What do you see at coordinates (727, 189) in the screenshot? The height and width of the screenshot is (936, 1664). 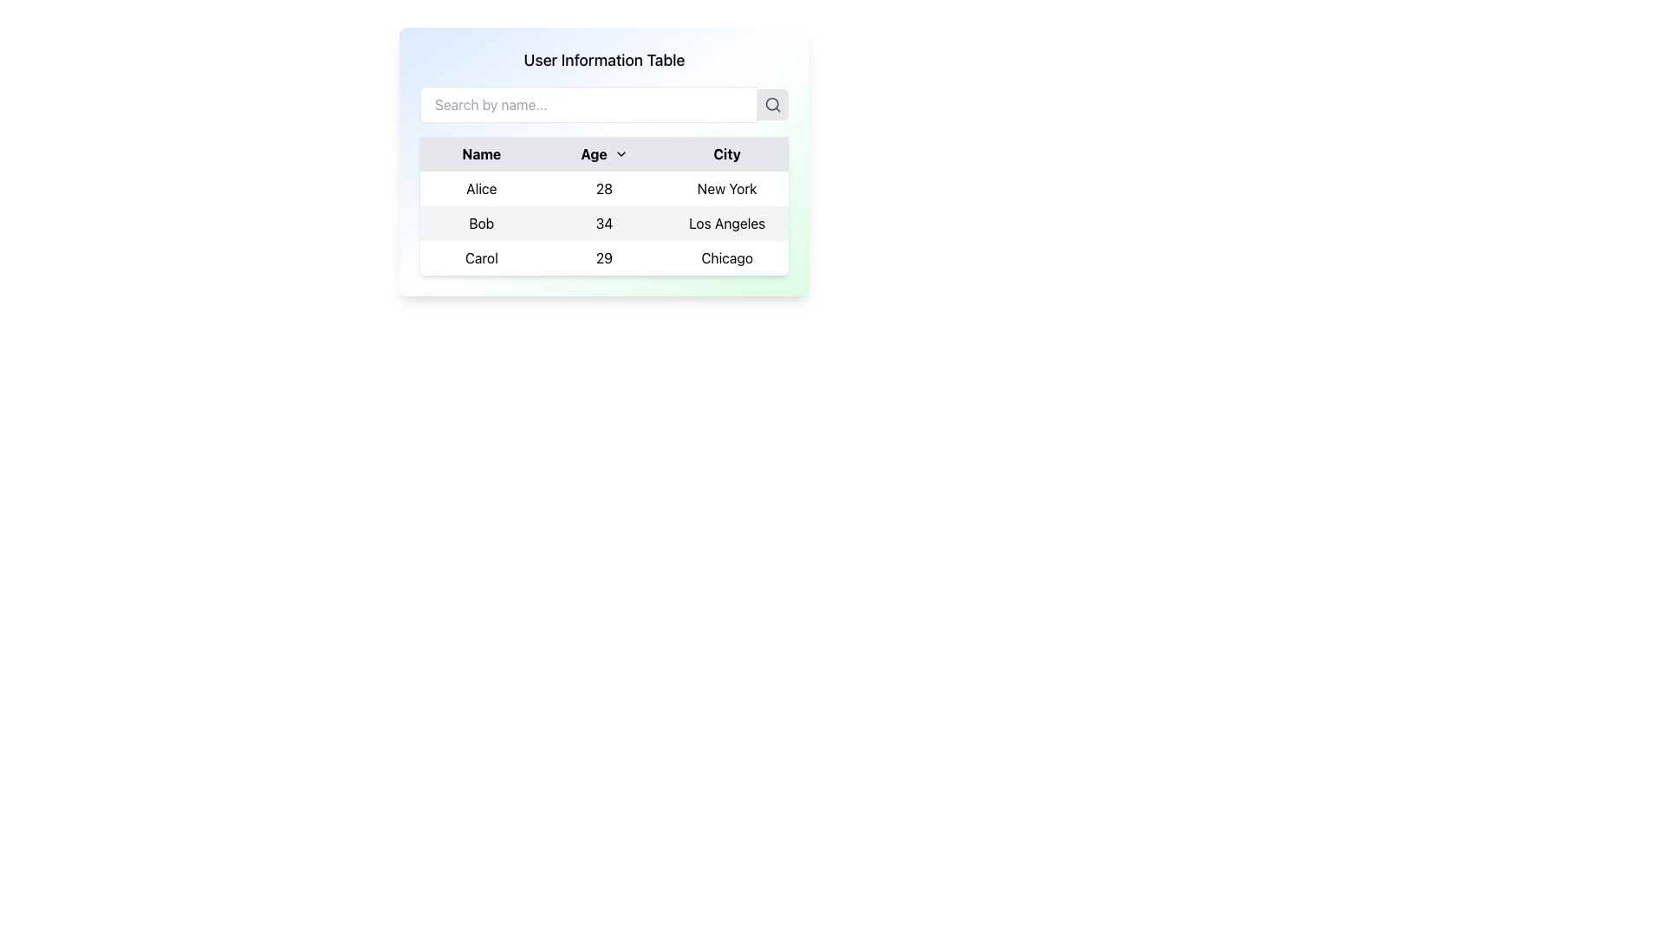 I see `the non-interactive Text Display that shows the city associated with the first data row in a user information table, where 'Alice' is the name and '28' is the age` at bounding box center [727, 189].